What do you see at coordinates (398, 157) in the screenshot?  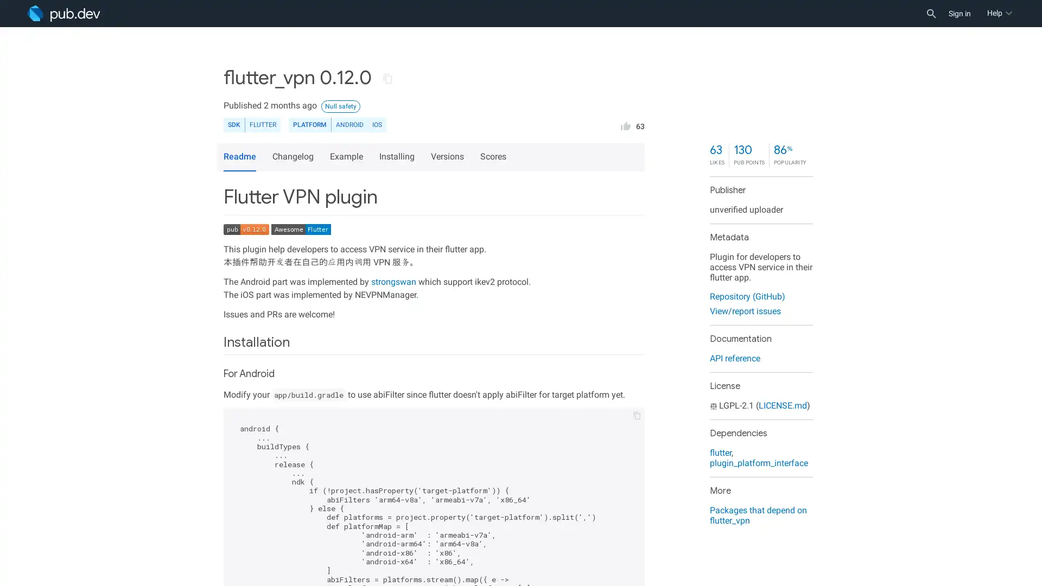 I see `Installing` at bounding box center [398, 157].